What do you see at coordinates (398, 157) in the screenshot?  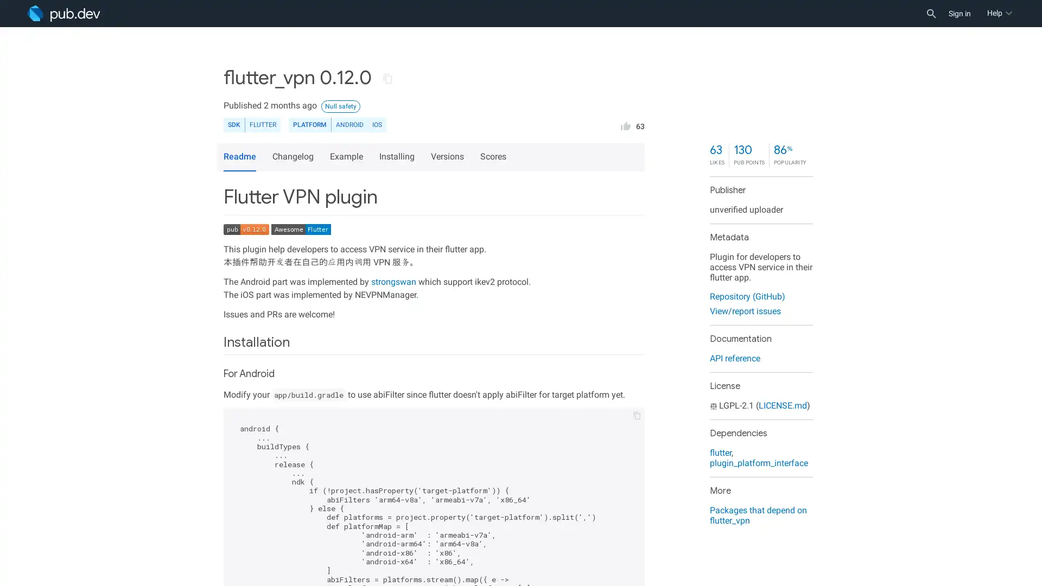 I see `Installing` at bounding box center [398, 157].